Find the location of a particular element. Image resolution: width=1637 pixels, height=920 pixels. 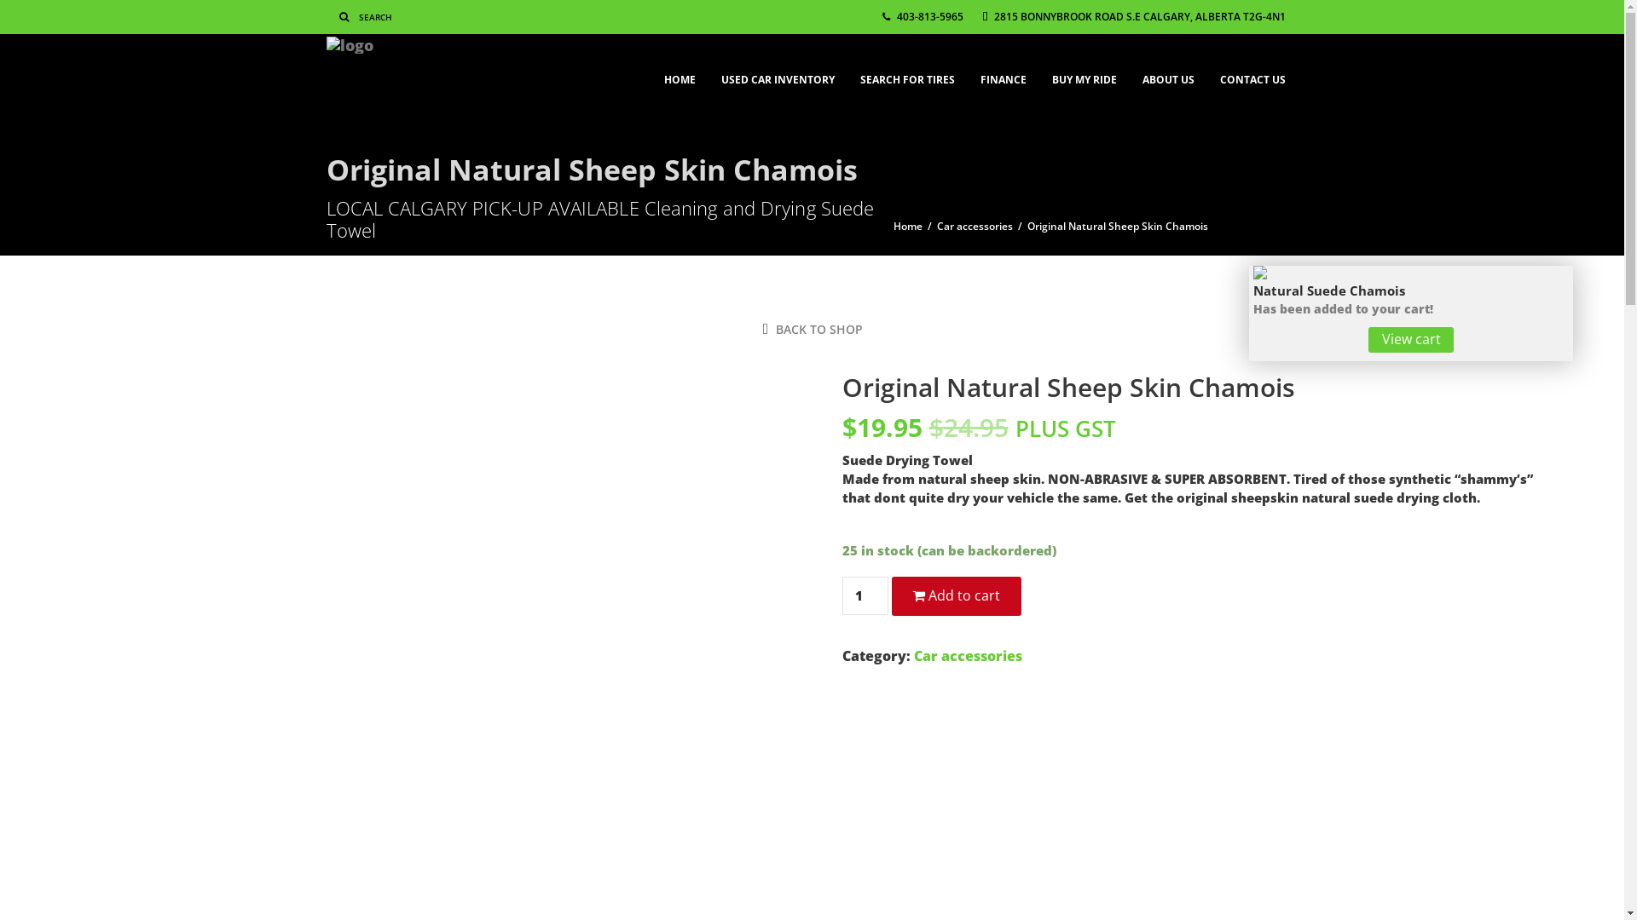

'ABOUT US' is located at coordinates (1166, 71).